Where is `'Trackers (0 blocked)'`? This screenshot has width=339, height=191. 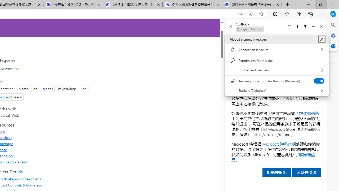
'Trackers (0 blocked)' is located at coordinates (277, 90).